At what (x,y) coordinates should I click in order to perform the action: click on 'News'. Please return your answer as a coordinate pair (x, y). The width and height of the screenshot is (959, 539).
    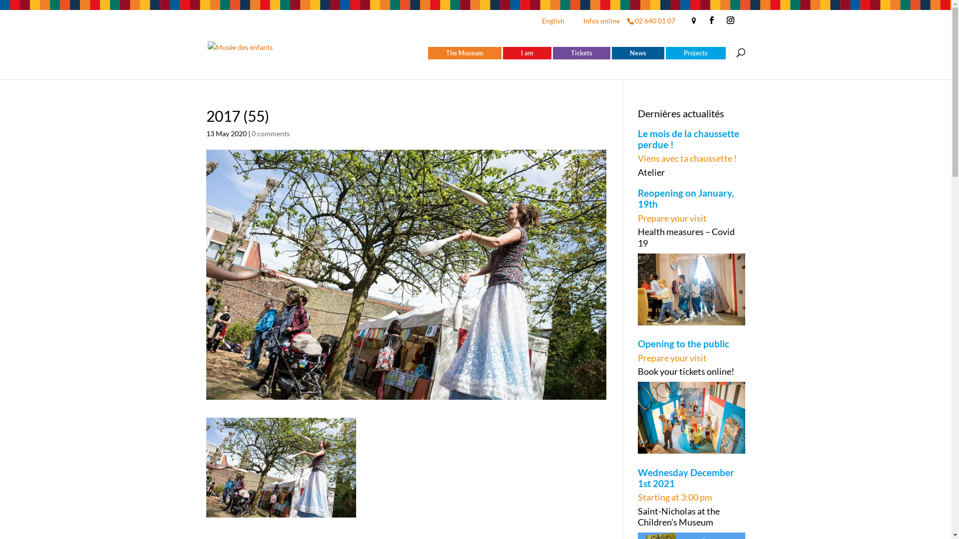
    Looking at the image, I should click on (637, 53).